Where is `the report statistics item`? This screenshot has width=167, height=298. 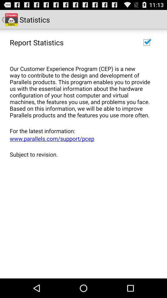
the report statistics item is located at coordinates (36, 42).